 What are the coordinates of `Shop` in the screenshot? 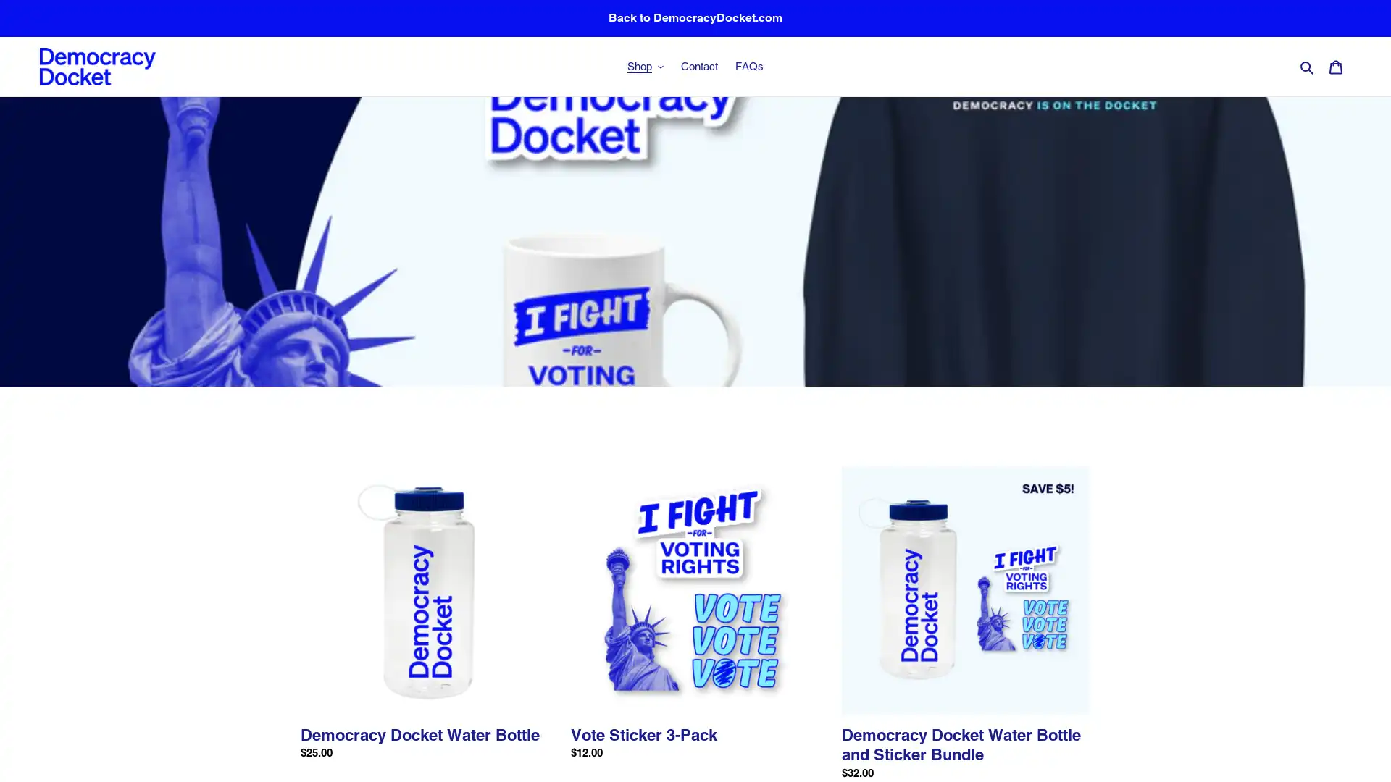 It's located at (644, 66).